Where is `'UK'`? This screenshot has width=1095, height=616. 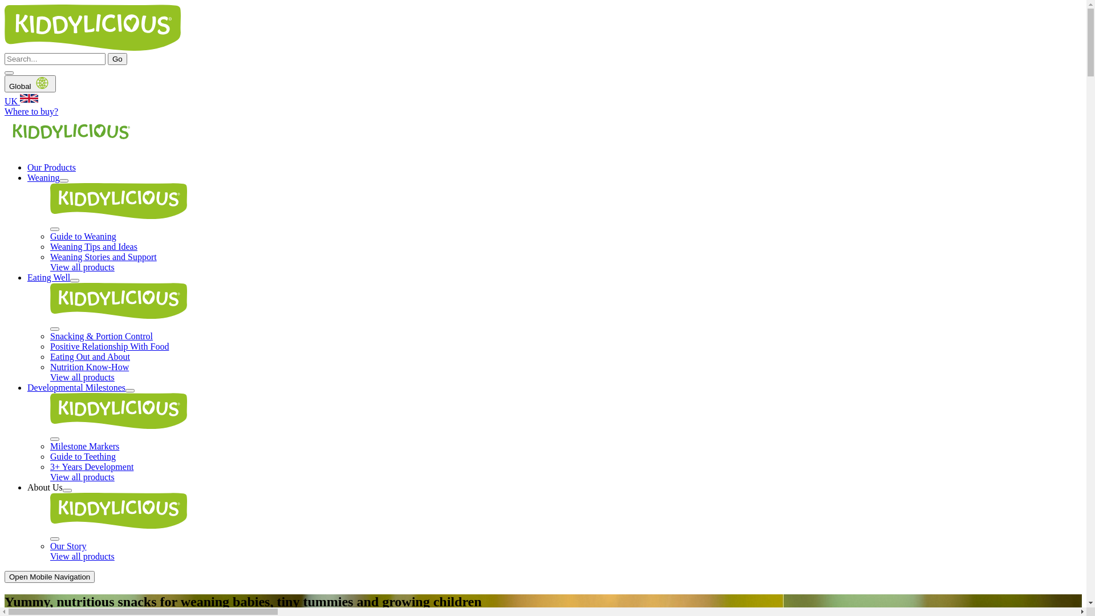 'UK' is located at coordinates (542, 99).